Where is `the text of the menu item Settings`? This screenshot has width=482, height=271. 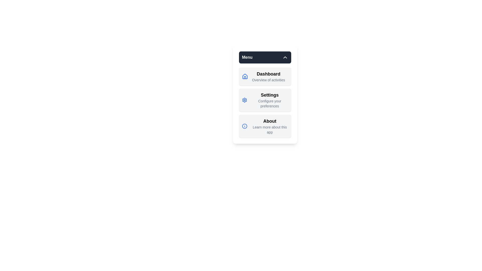 the text of the menu item Settings is located at coordinates (265, 100).